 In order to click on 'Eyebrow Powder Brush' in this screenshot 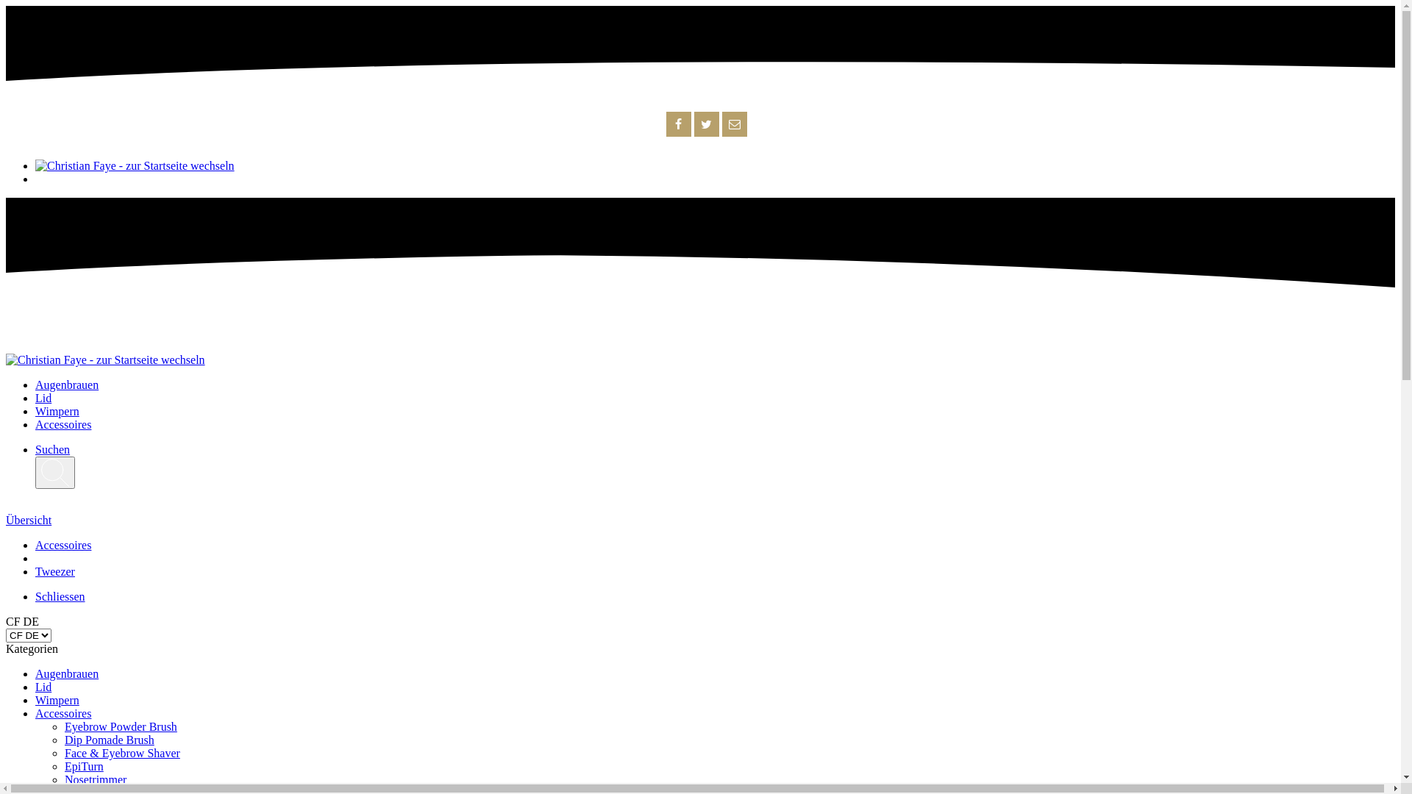, I will do `click(63, 726)`.